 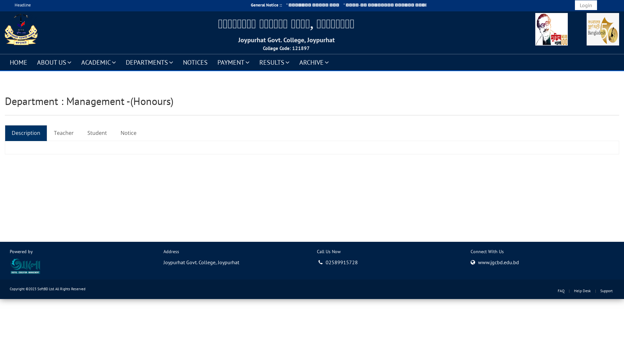 What do you see at coordinates (76, 62) in the screenshot?
I see `'ACADEMIC'` at bounding box center [76, 62].